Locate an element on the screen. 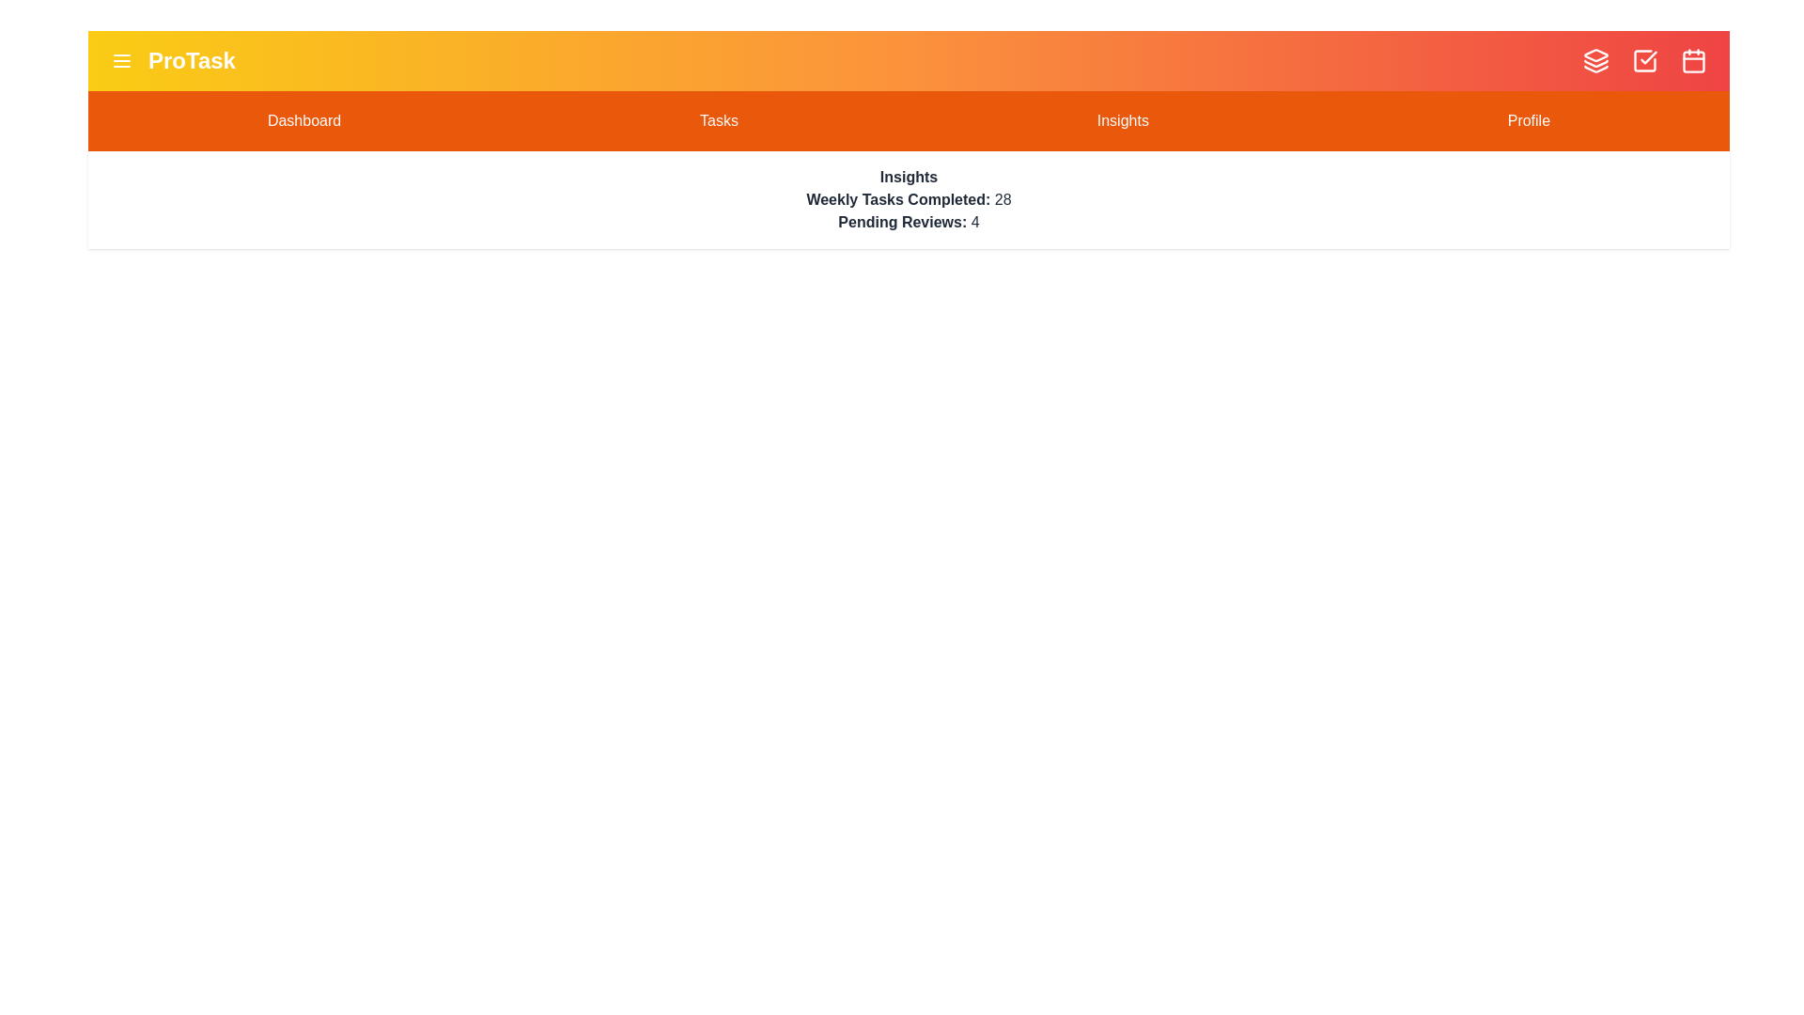 The height and width of the screenshot is (1015, 1804). the Profile section in the navigation bar is located at coordinates (1529, 120).